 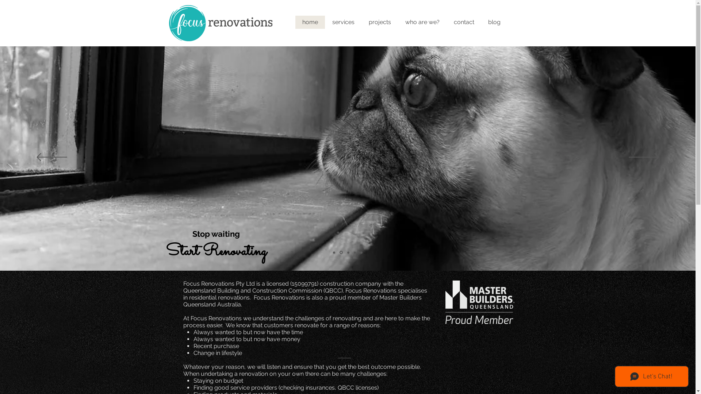 What do you see at coordinates (422, 22) in the screenshot?
I see `'who are we?'` at bounding box center [422, 22].